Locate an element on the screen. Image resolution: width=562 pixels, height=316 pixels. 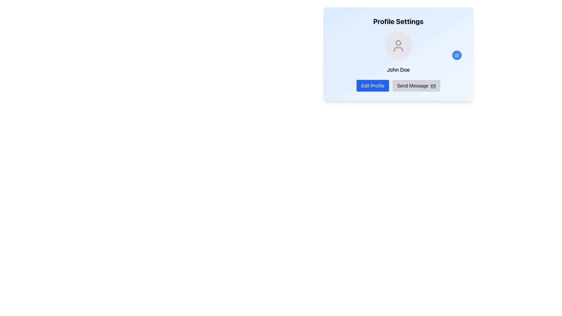
the 'Send Message' button, which has rounded corners, a light gray background that changes to darker gray on hover, and includes an envelope icon on the right side of the text is located at coordinates (416, 86).